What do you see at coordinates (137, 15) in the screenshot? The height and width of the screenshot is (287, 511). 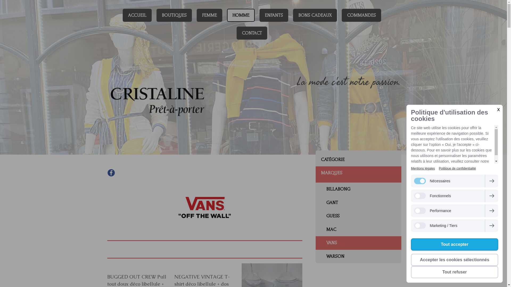 I see `'ACCUEIL'` at bounding box center [137, 15].